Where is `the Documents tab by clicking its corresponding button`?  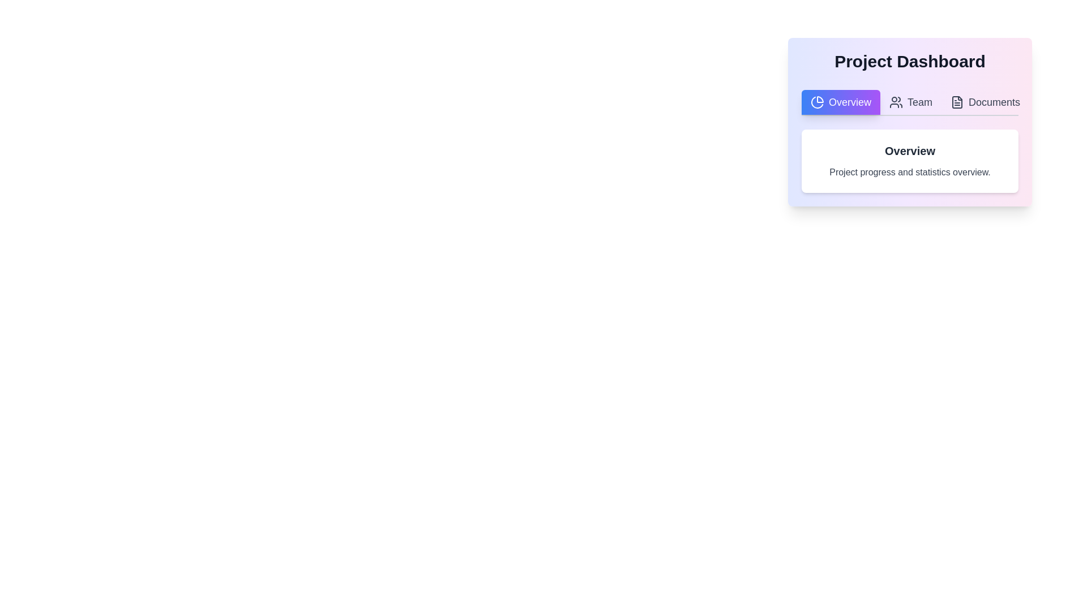 the Documents tab by clicking its corresponding button is located at coordinates (985, 102).